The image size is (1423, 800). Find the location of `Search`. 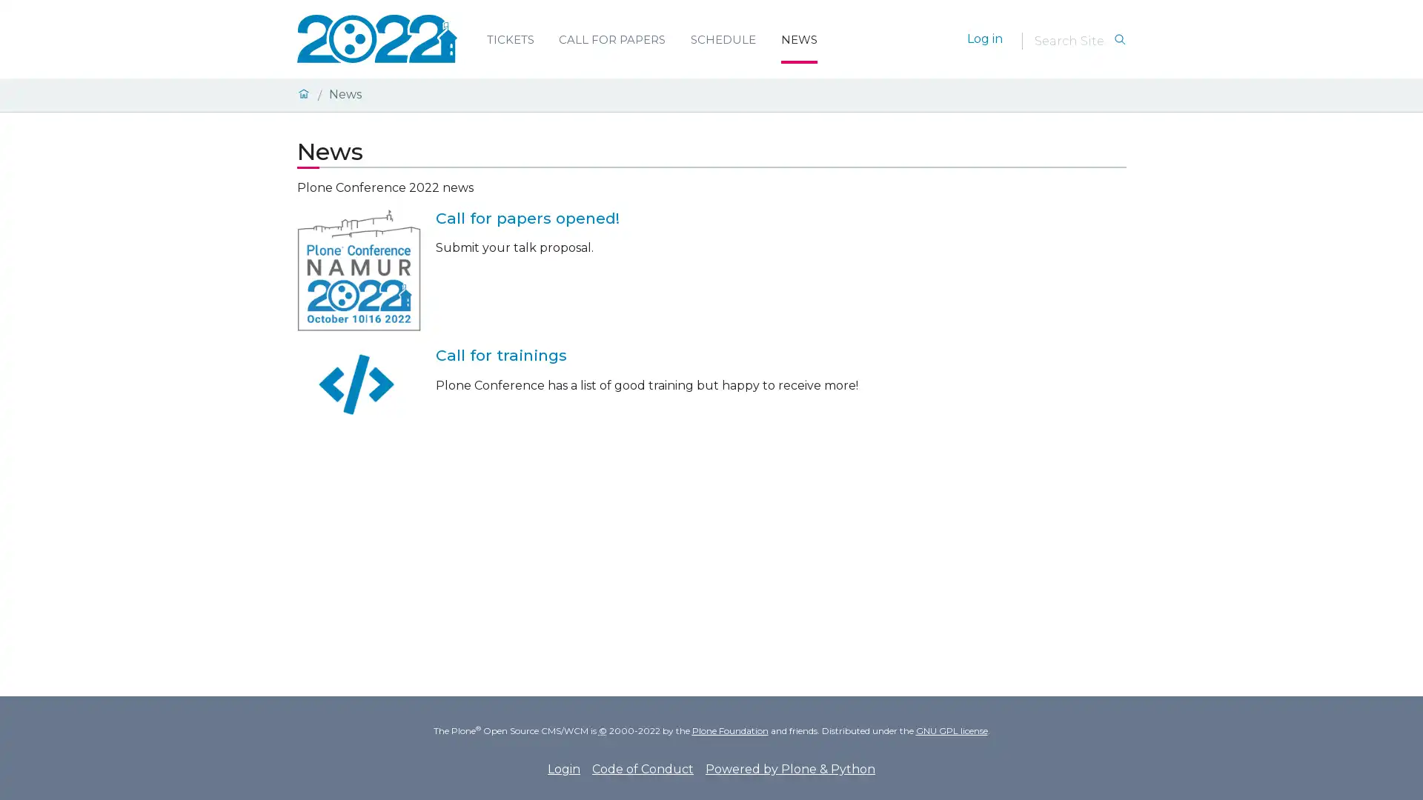

Search is located at coordinates (1119, 39).